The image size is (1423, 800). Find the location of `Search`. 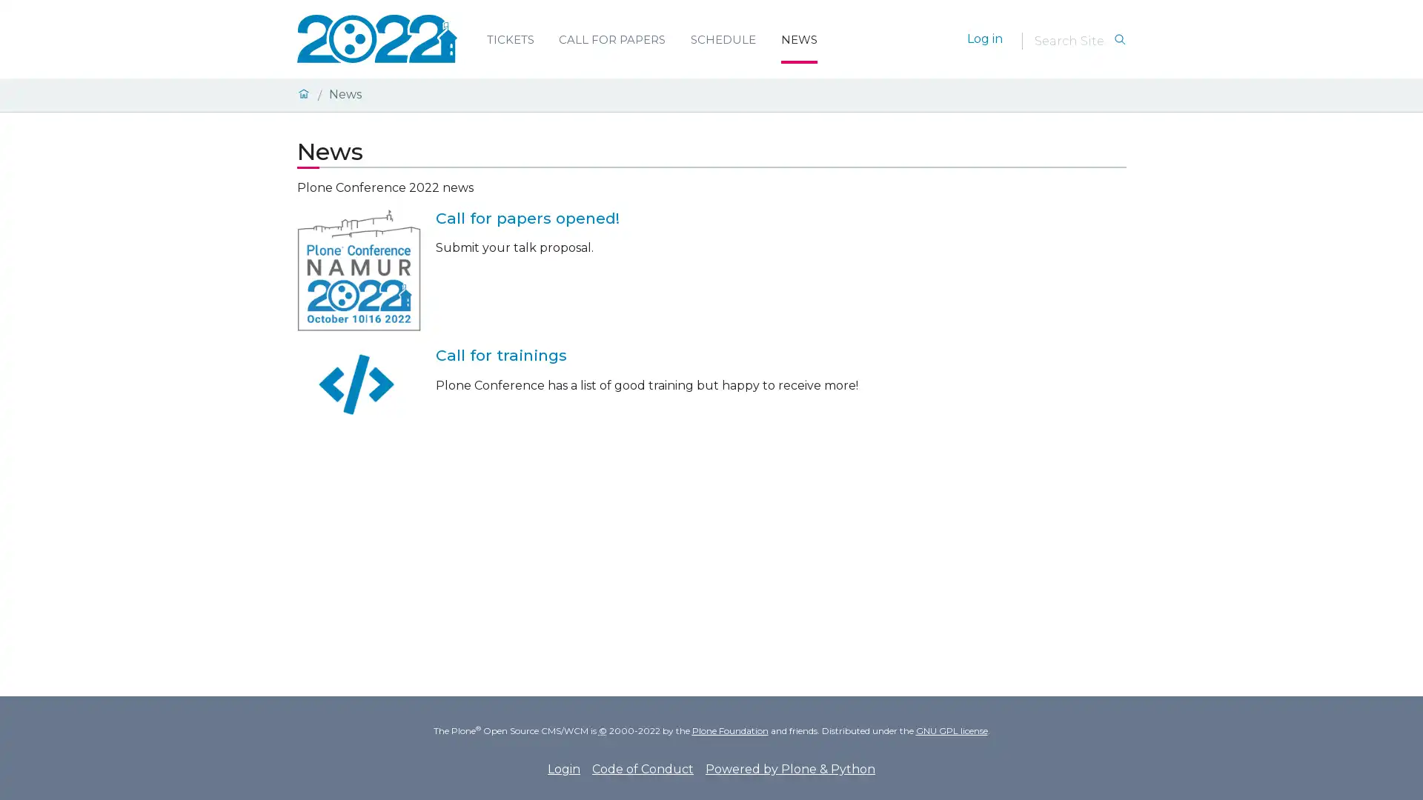

Search is located at coordinates (1119, 39).